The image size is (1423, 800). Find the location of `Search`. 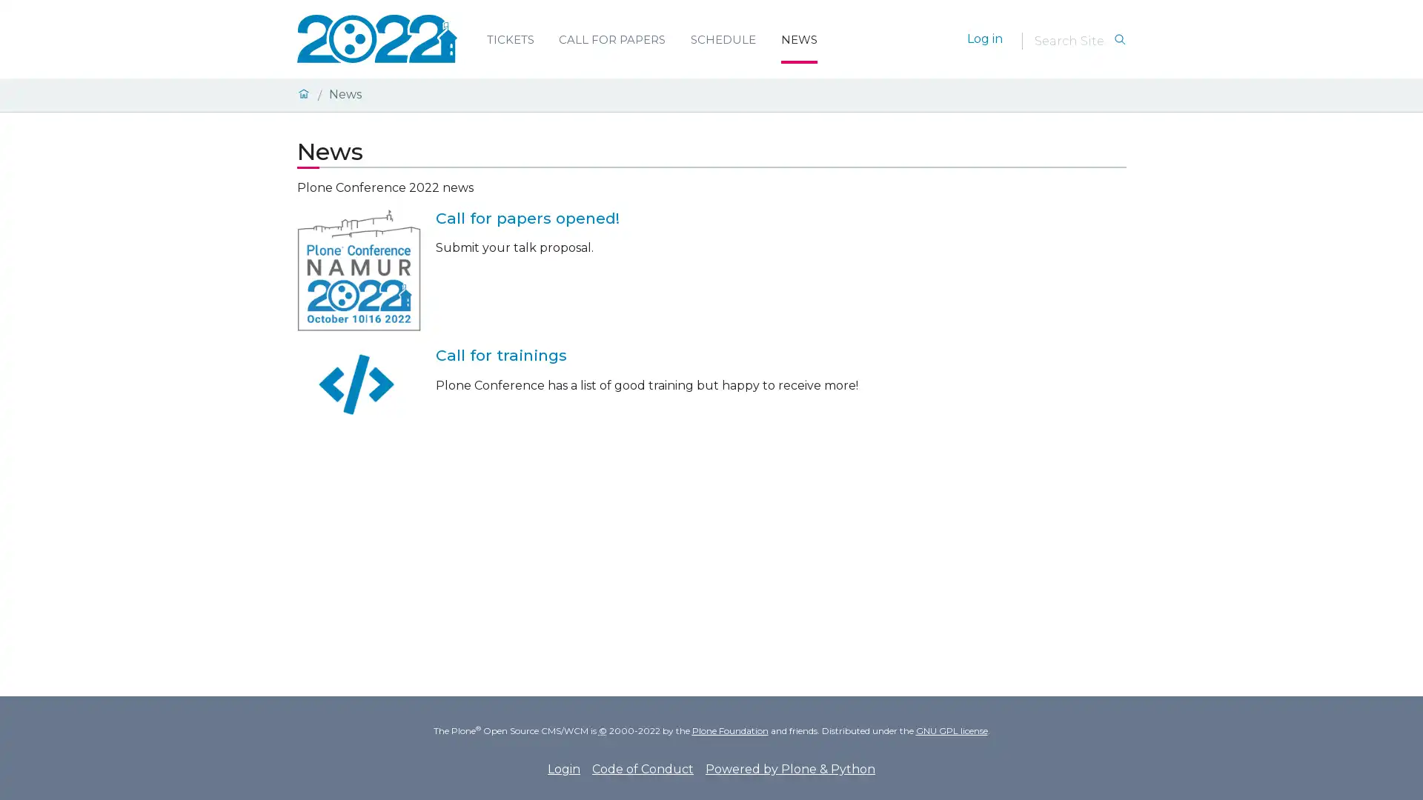

Search is located at coordinates (1119, 39).